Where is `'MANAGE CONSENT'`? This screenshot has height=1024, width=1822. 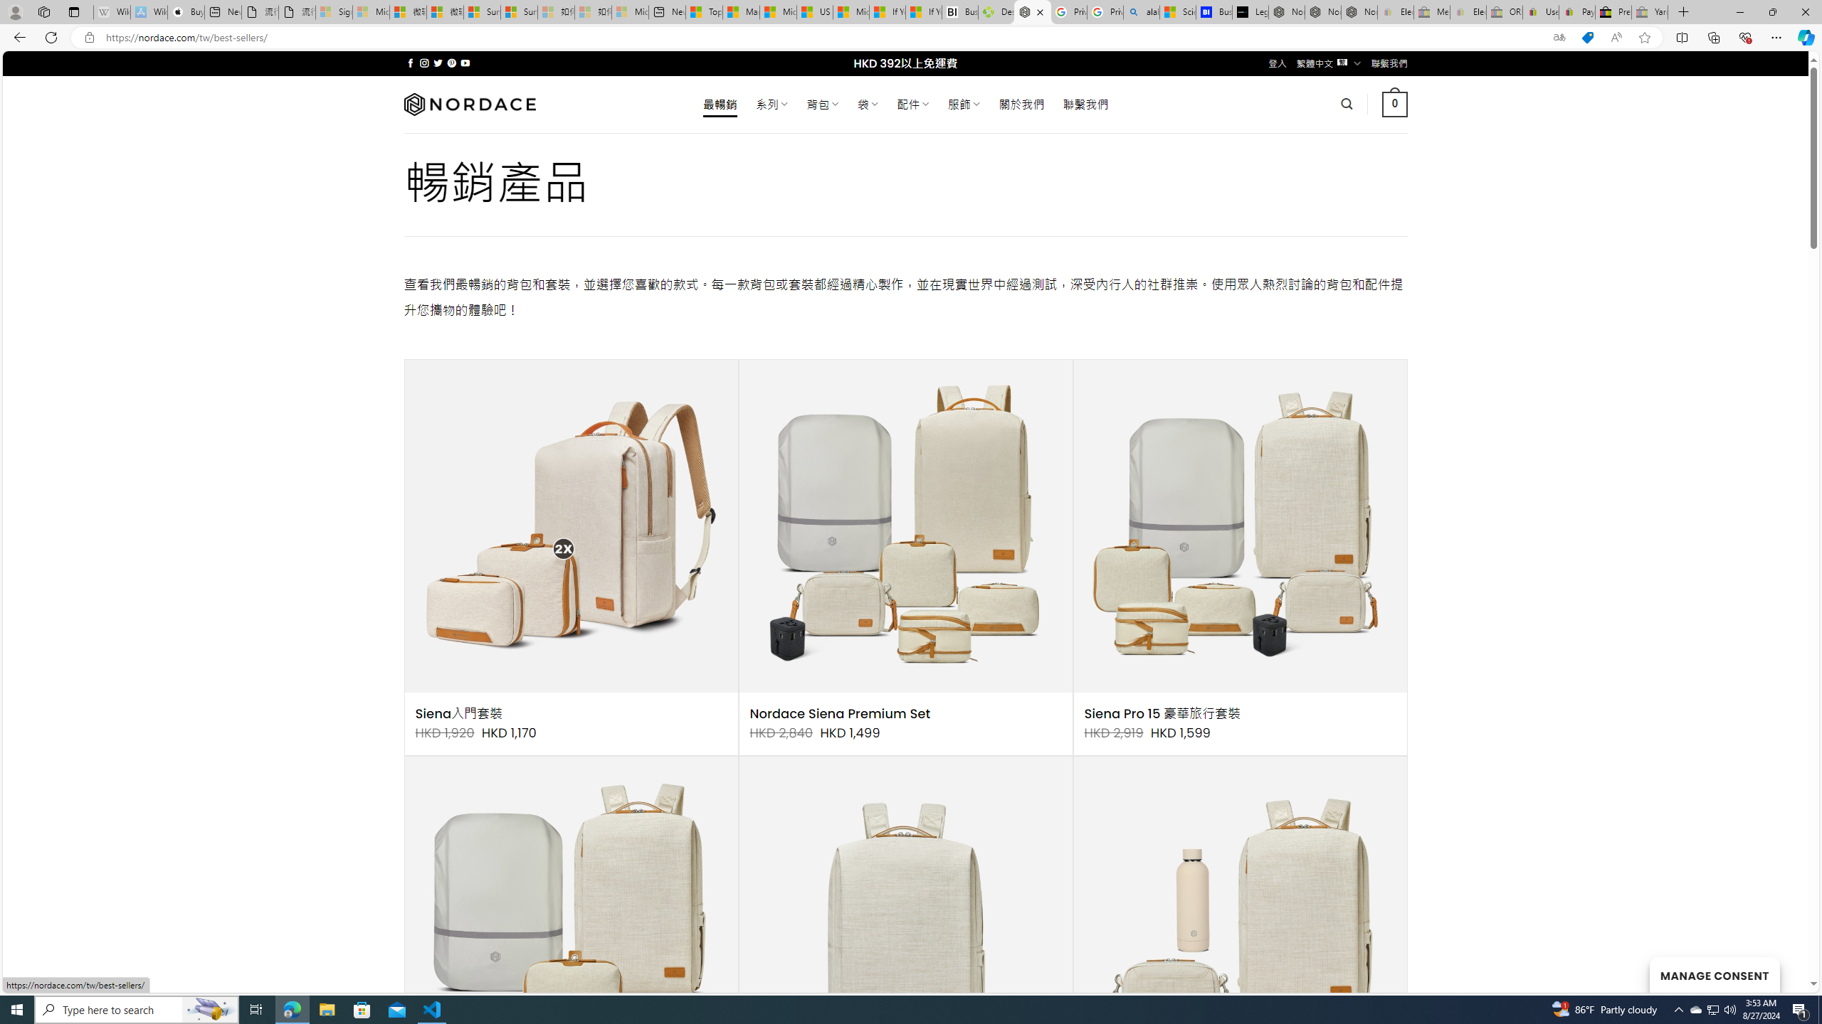
'MANAGE CONSENT' is located at coordinates (1714, 974).